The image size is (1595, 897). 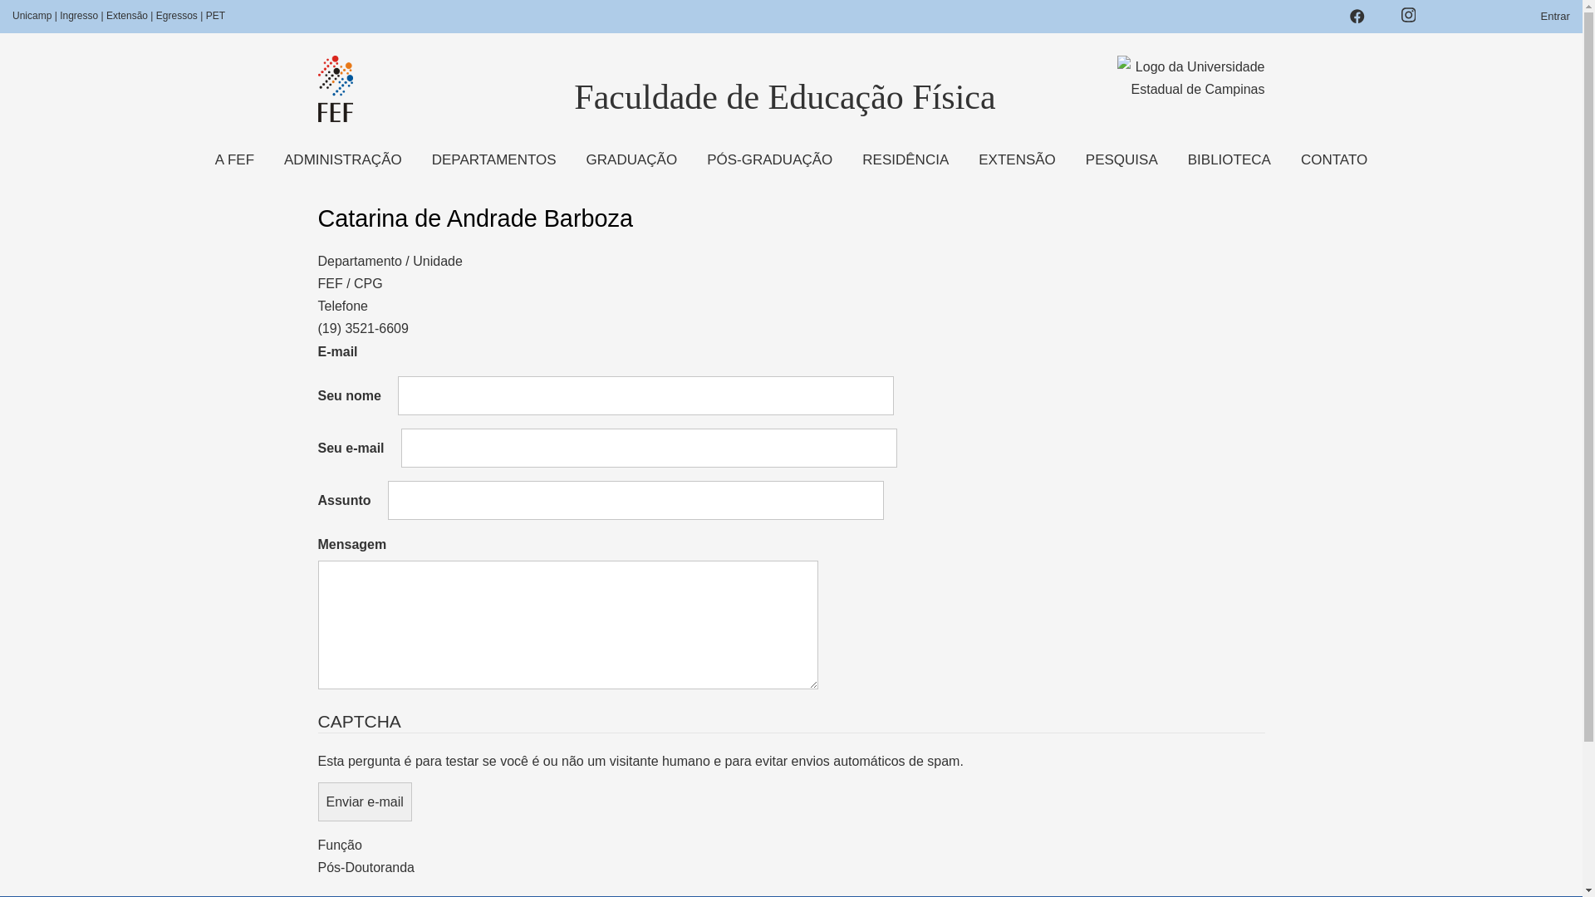 What do you see at coordinates (1121, 159) in the screenshot?
I see `'PESQUISA'` at bounding box center [1121, 159].